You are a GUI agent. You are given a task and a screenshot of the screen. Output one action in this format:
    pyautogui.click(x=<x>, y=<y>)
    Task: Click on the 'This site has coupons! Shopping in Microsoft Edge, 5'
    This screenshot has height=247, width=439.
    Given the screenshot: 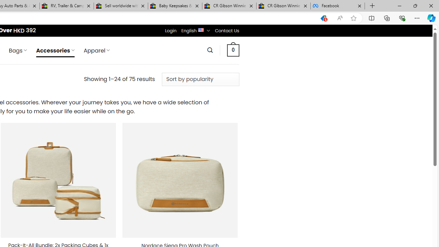 What is the action you would take?
    pyautogui.click(x=323, y=18)
    